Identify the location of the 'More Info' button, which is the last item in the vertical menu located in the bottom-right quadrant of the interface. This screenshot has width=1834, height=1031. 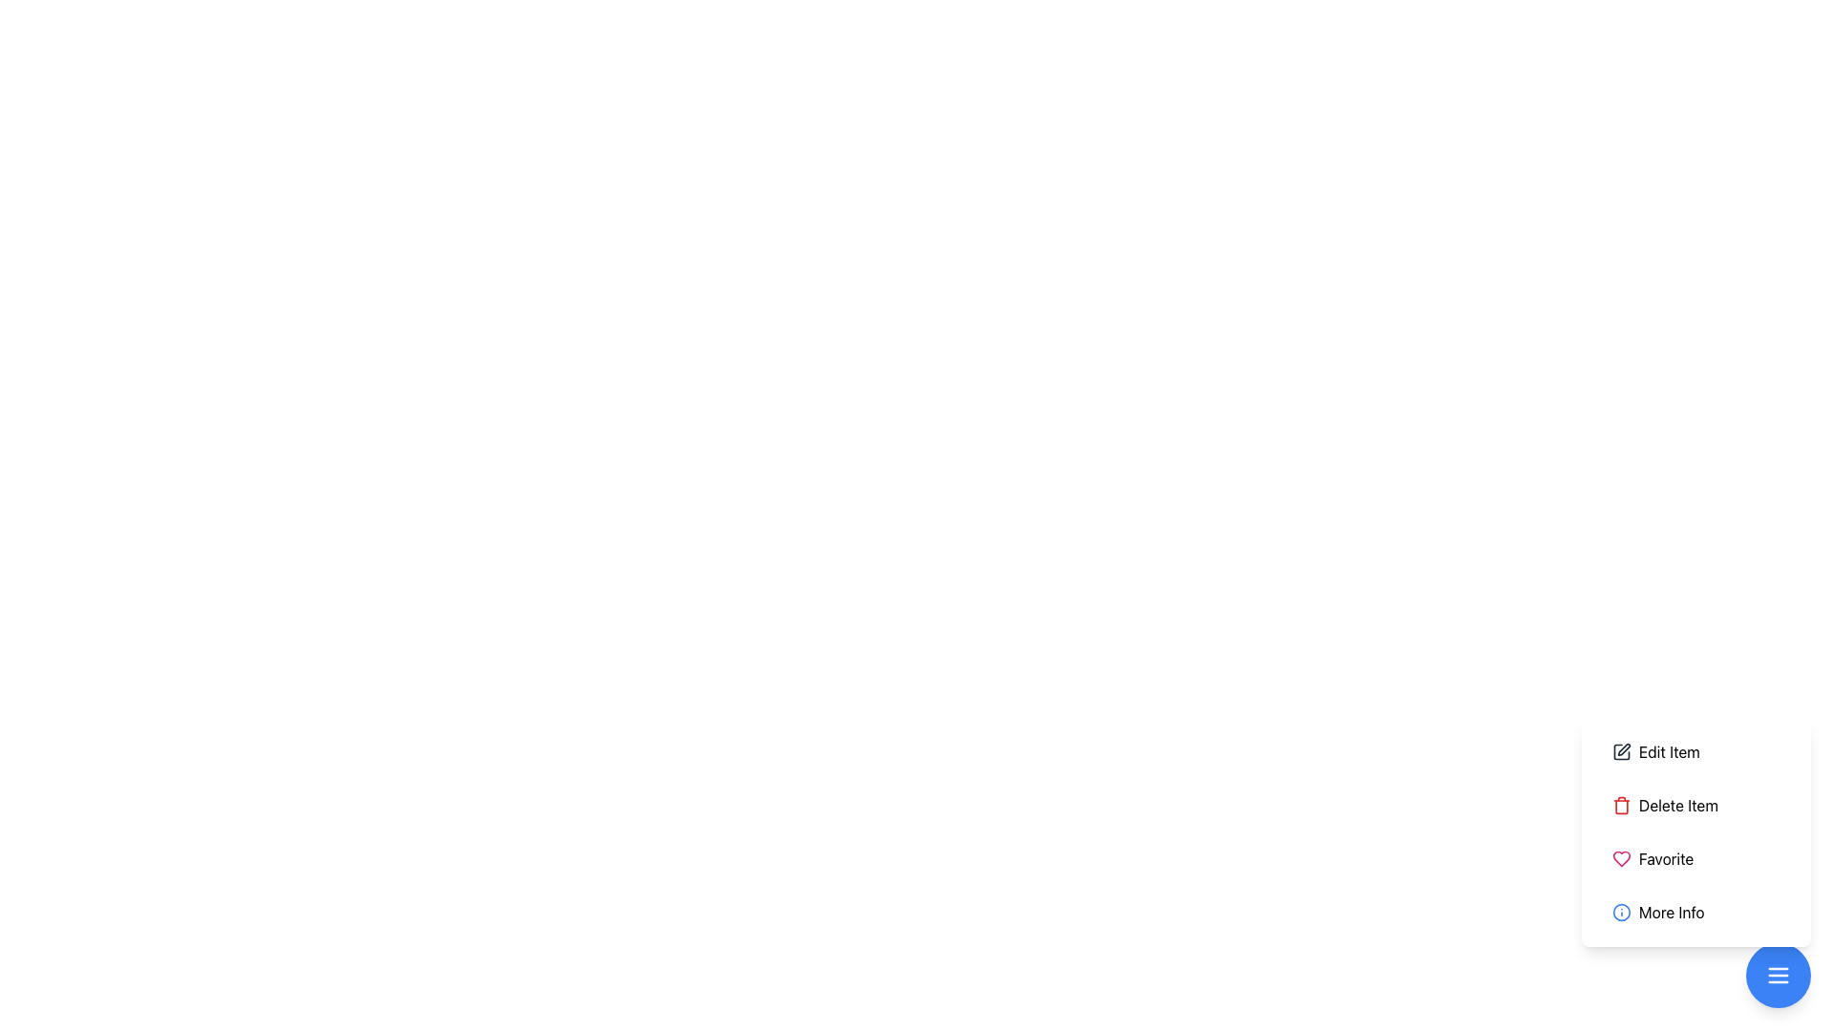
(1696, 912).